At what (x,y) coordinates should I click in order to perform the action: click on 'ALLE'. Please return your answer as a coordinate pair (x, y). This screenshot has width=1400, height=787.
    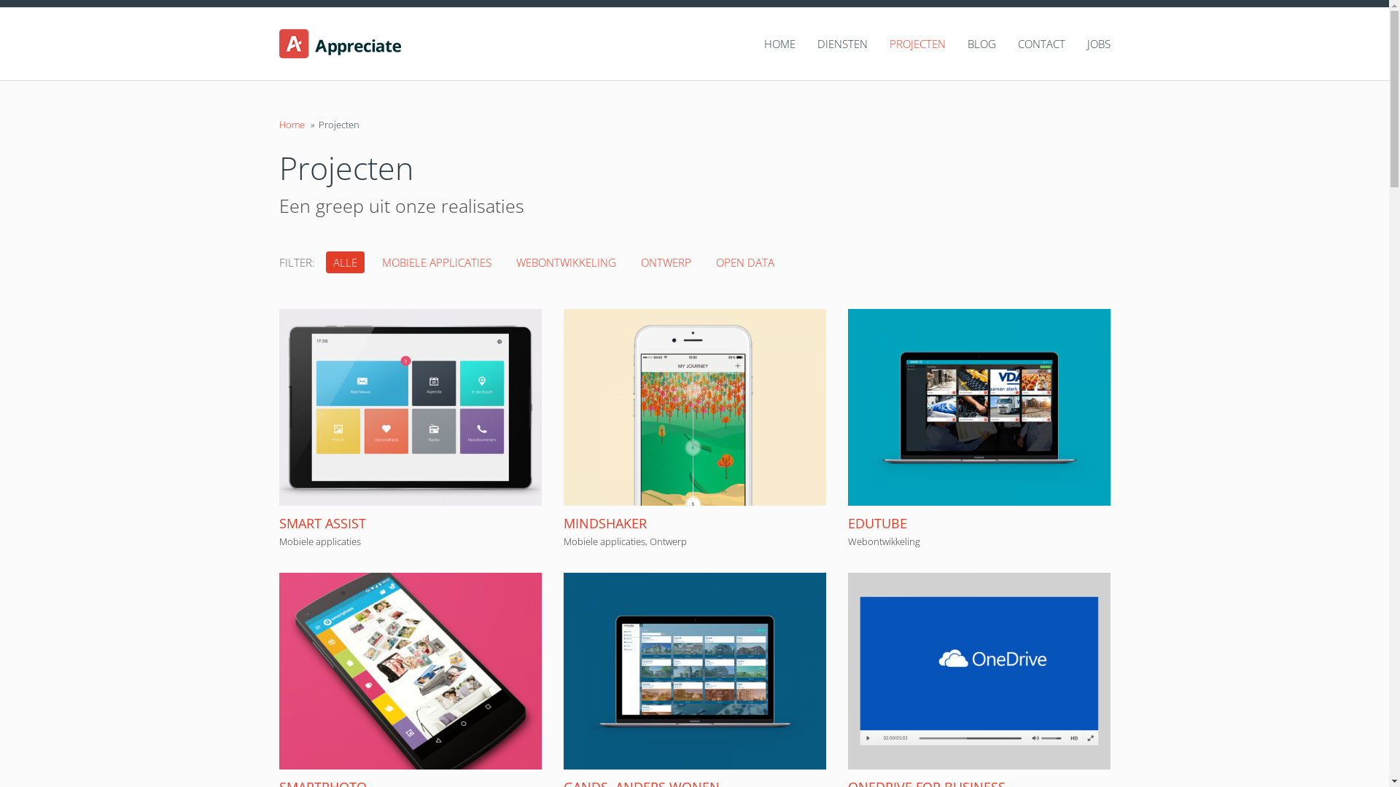
    Looking at the image, I should click on (343, 261).